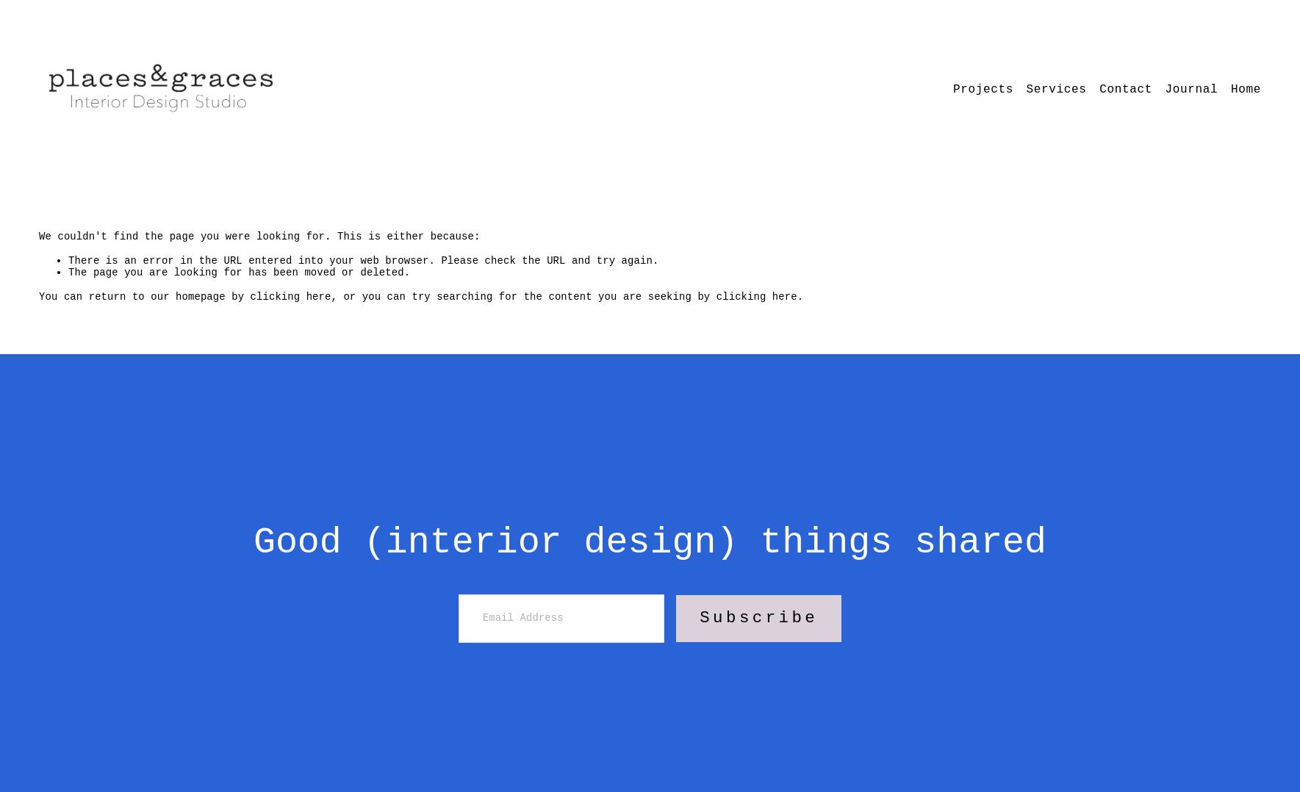  What do you see at coordinates (522, 295) in the screenshot?
I see `', or you can try searching for the
  content you are seeking by'` at bounding box center [522, 295].